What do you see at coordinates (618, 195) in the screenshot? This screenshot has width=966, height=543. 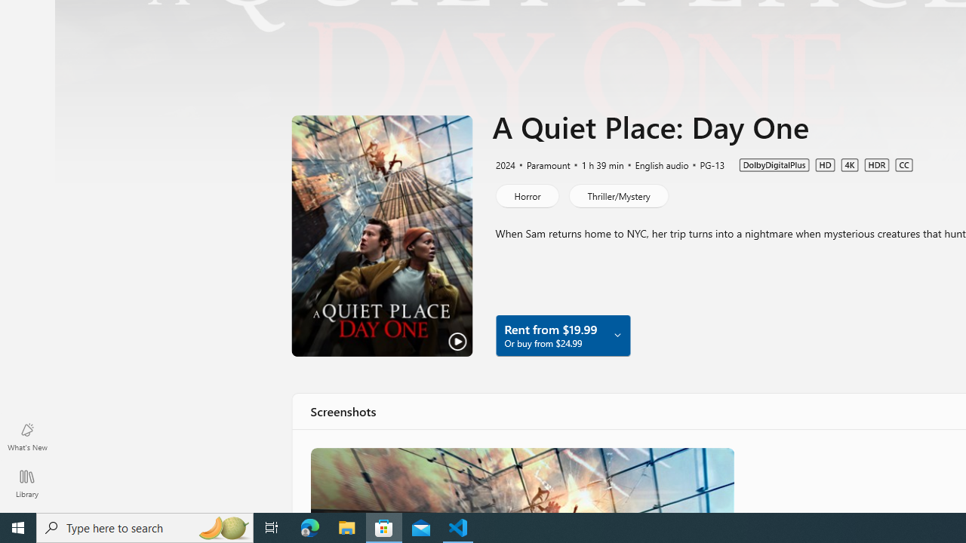 I see `'Thriller/Mystery'` at bounding box center [618, 195].